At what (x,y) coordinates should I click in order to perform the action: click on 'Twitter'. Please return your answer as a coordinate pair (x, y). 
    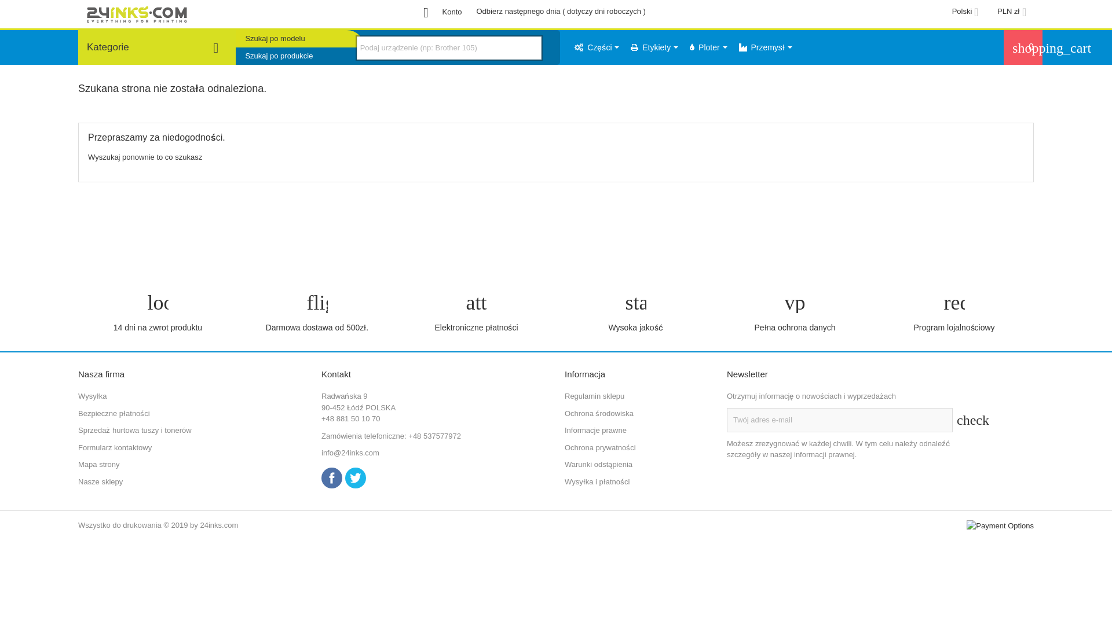
    Looking at the image, I should click on (355, 477).